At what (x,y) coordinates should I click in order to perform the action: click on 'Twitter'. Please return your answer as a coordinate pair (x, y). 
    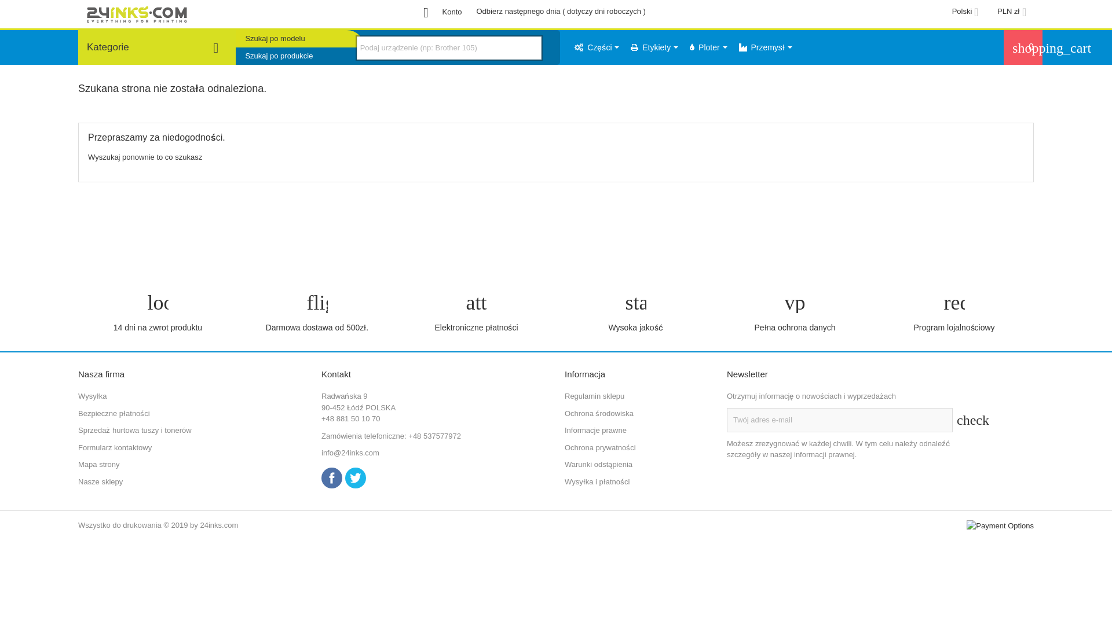
    Looking at the image, I should click on (355, 477).